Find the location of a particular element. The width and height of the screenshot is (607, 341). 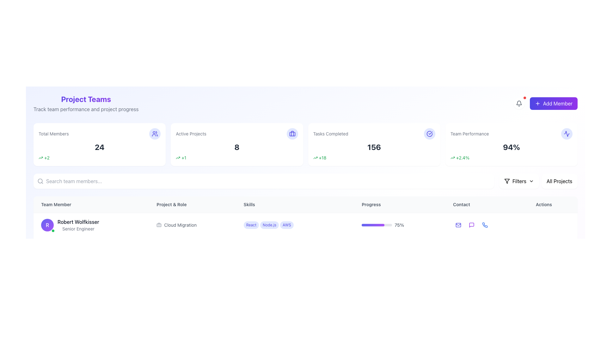

the static informational text indicating a numerical increase of 18, located to the right of the upward arrow icon in the 'Tasks Completed' metrics card is located at coordinates (322, 158).